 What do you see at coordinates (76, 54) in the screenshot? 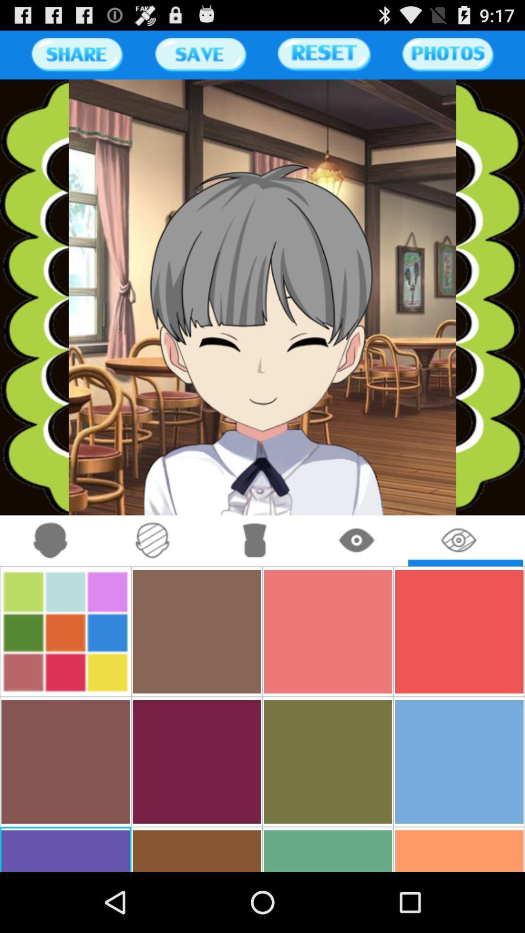
I see `share` at bounding box center [76, 54].